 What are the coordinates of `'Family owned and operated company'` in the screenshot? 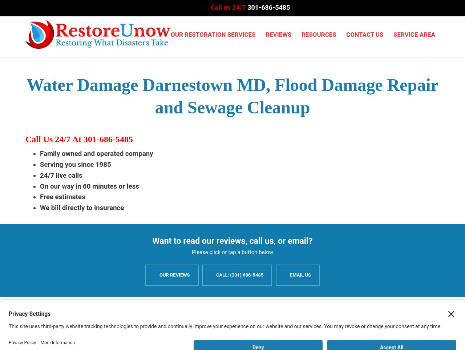 It's located at (96, 153).